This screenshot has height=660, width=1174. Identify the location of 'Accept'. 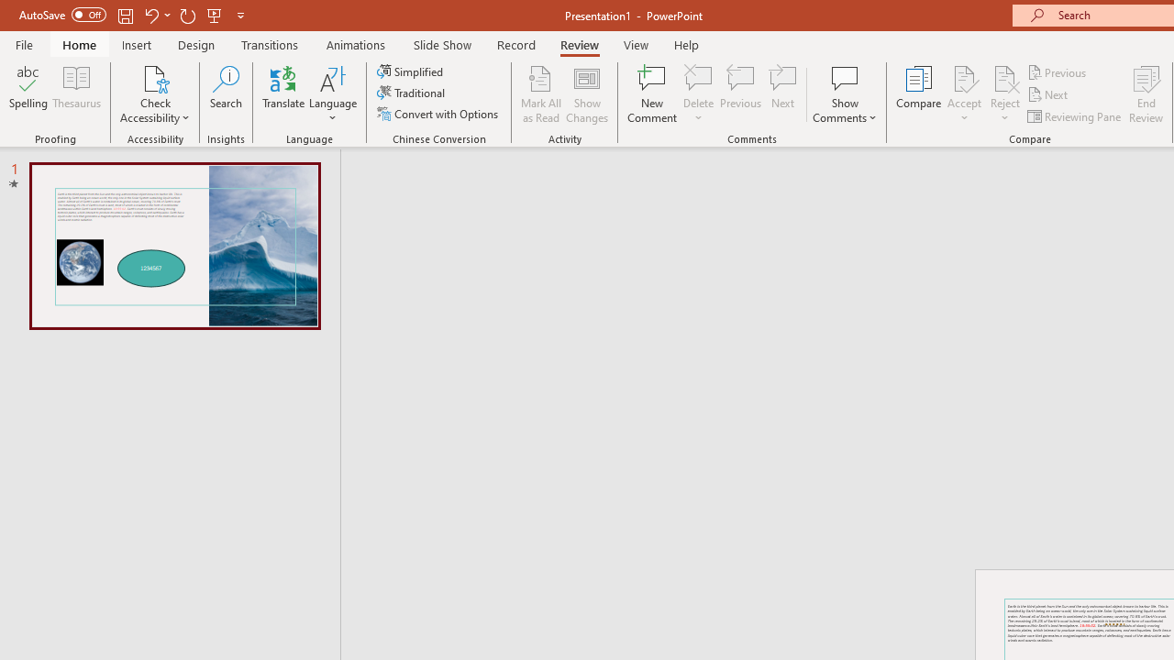
(963, 94).